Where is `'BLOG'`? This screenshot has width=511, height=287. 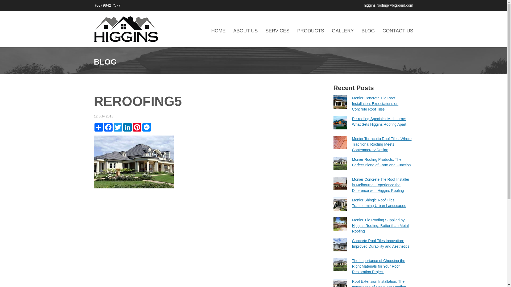
'BLOG' is located at coordinates (368, 31).